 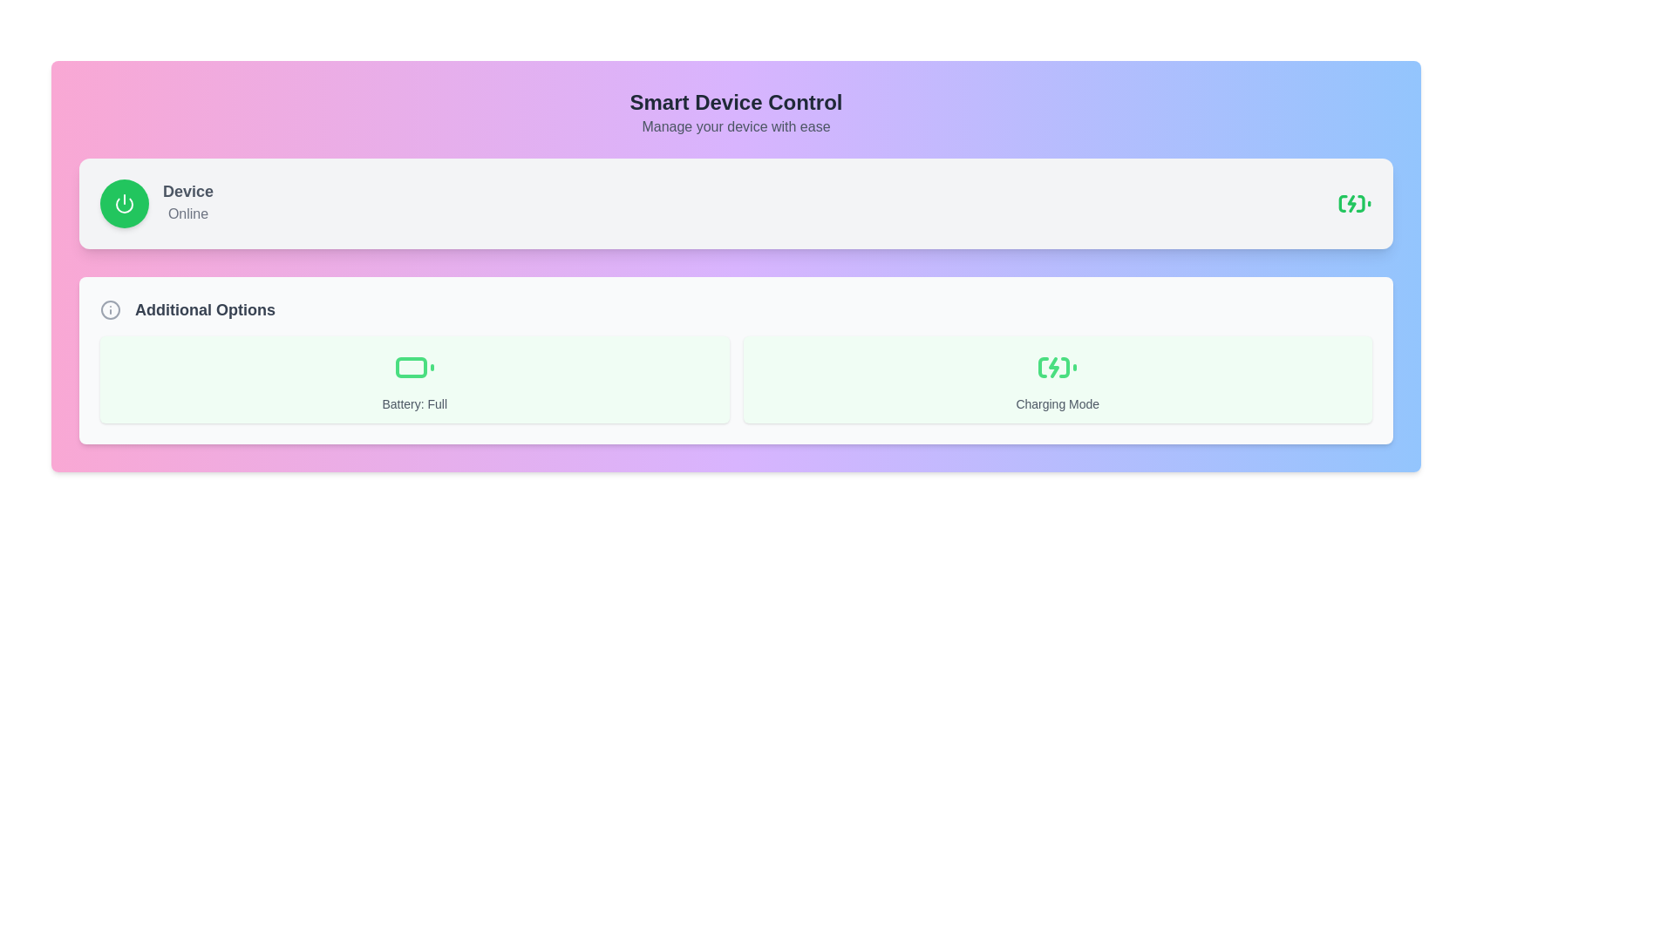 I want to click on the green stylized battery icon with a lightning bolt inside, located on the far right of the header section adjacent to the 'Online' text, so click(x=1354, y=203).